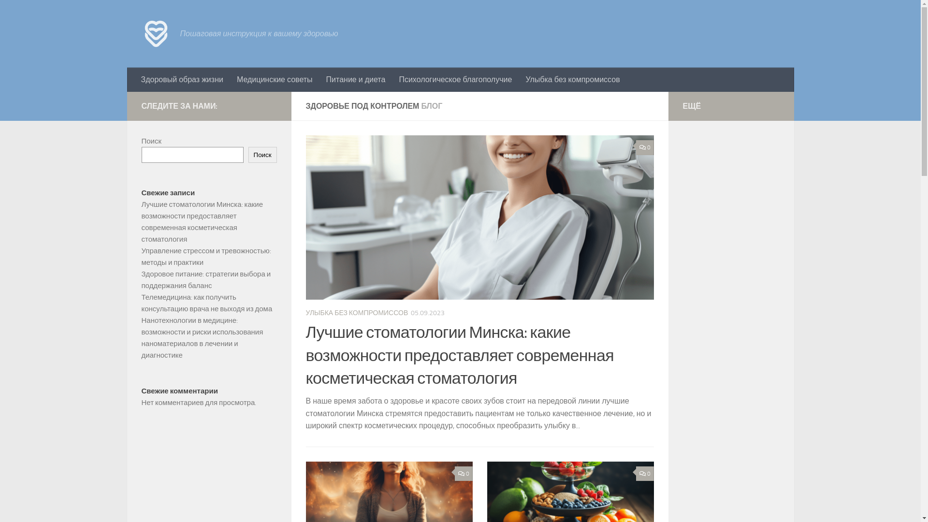 This screenshot has height=522, width=928. What do you see at coordinates (463, 473) in the screenshot?
I see `'0'` at bounding box center [463, 473].